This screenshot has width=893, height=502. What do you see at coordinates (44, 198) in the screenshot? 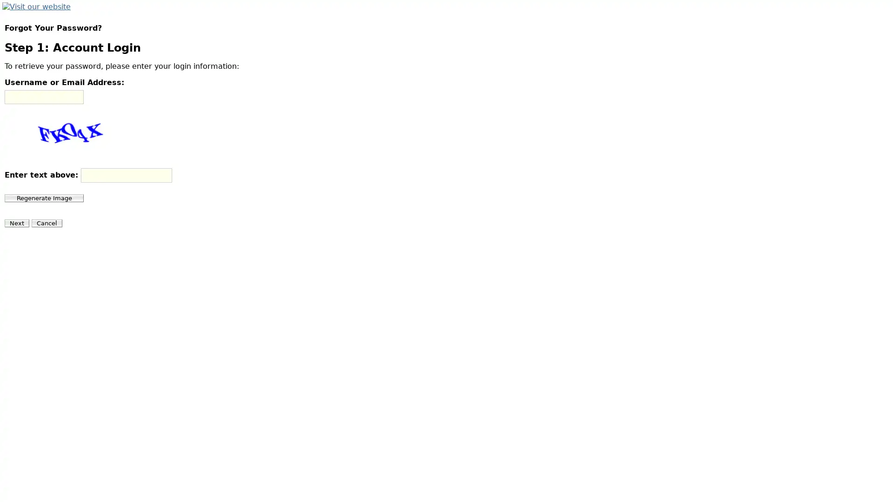
I see `Regenerate Image` at bounding box center [44, 198].